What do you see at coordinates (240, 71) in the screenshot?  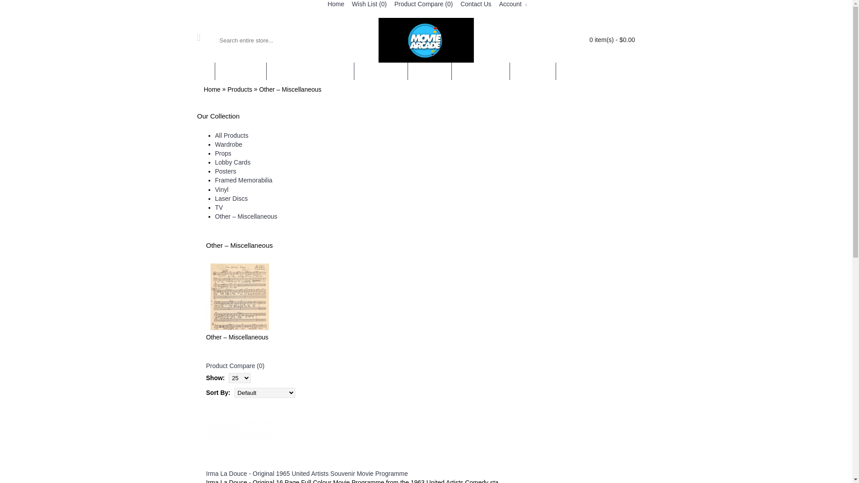 I see `'PRODUCTS'` at bounding box center [240, 71].